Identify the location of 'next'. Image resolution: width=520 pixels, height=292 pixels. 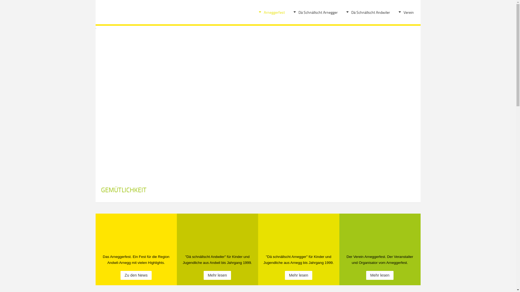
(401, 95).